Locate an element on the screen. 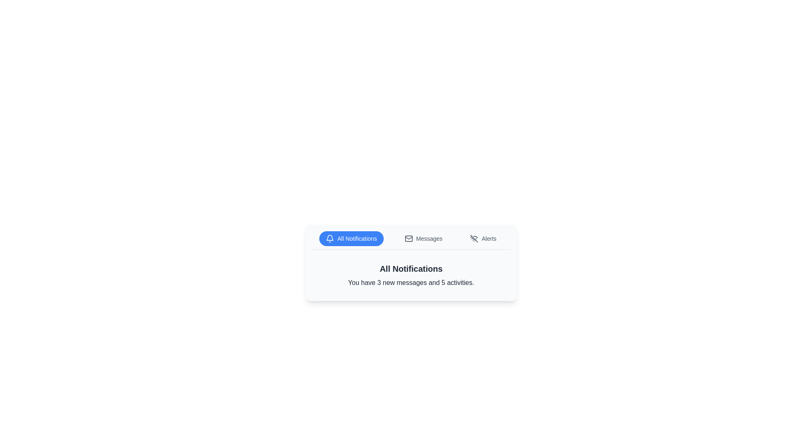  the rectangular-shaped graphic with a white background, which is part of the mail icon and positioned above the 'Messages' label is located at coordinates (408, 239).